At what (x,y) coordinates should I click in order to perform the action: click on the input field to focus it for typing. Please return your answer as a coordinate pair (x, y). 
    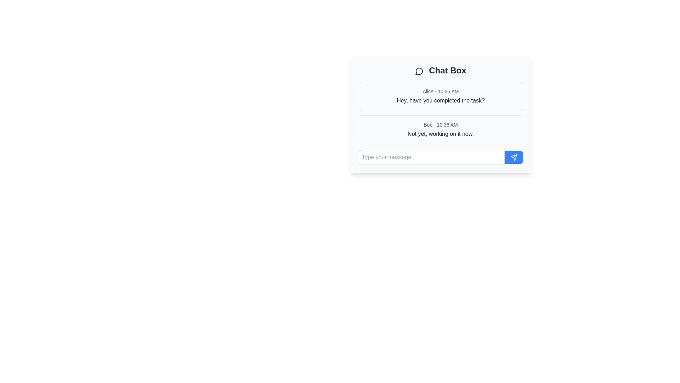
    Looking at the image, I should click on (431, 157).